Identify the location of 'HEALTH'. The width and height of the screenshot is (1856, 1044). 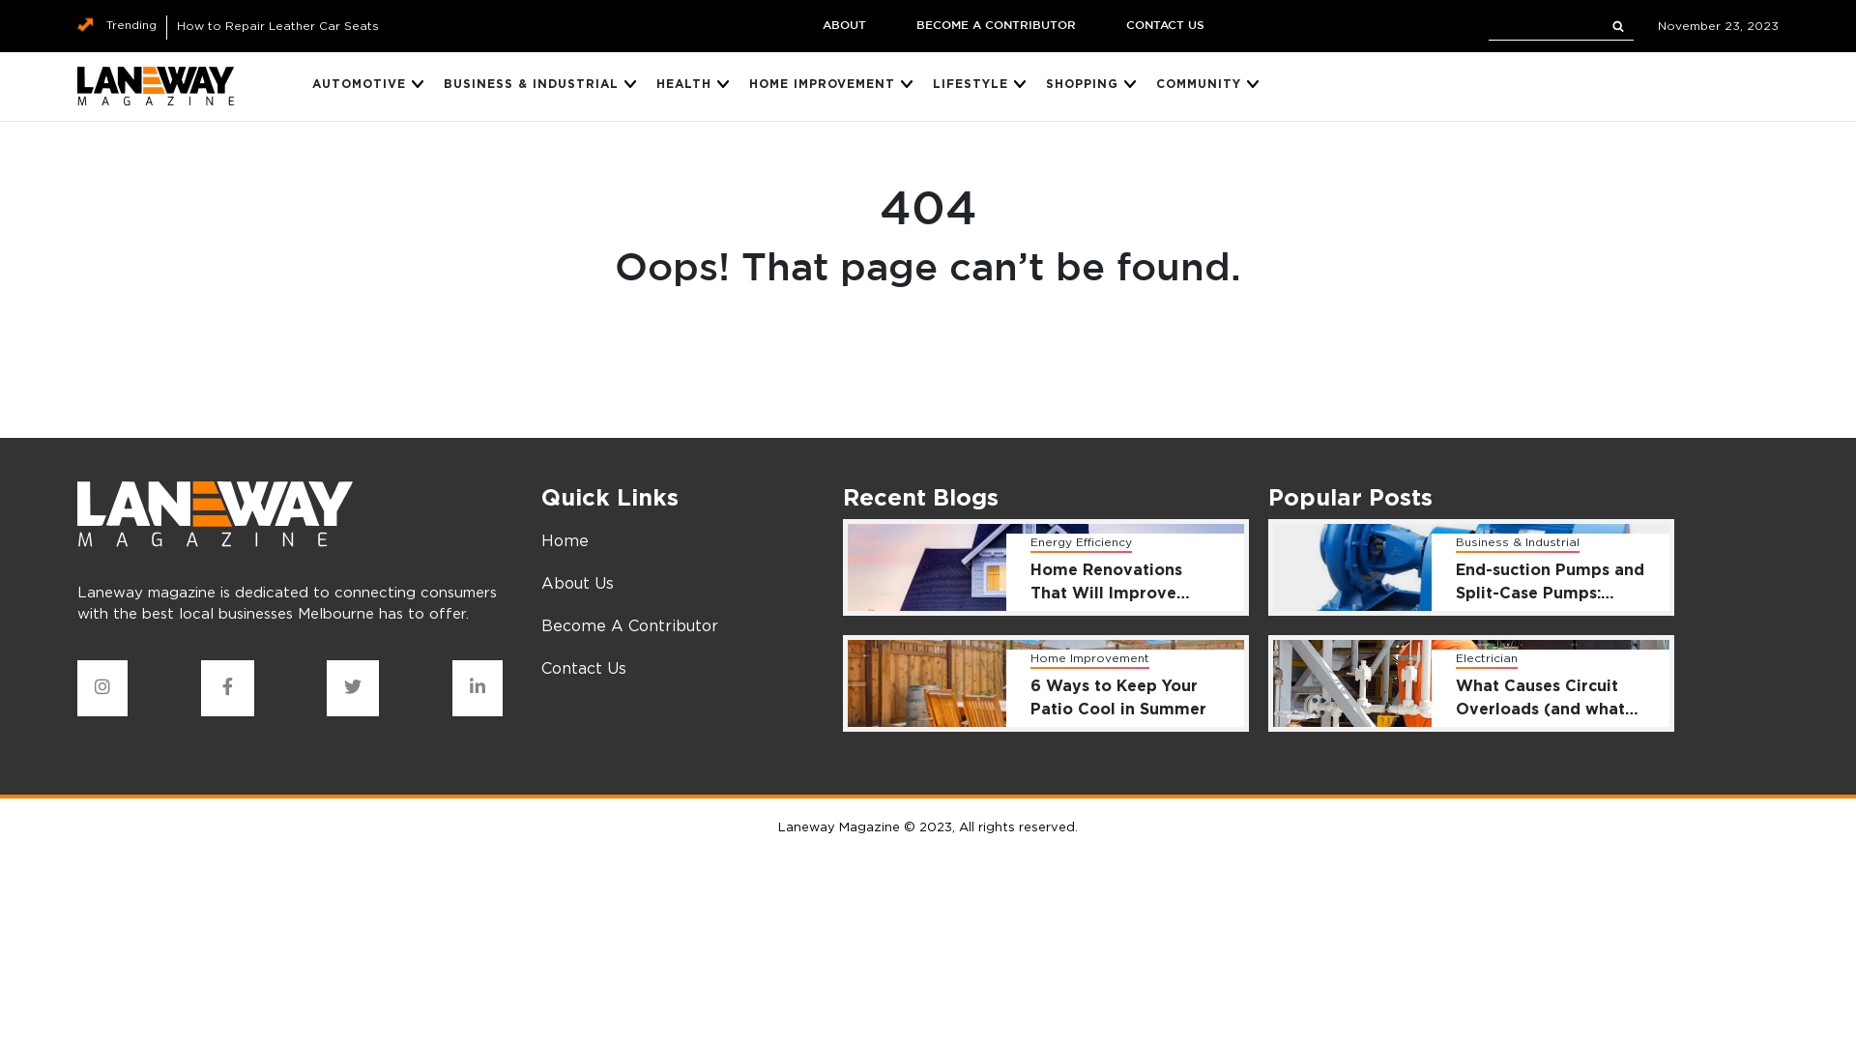
(683, 85).